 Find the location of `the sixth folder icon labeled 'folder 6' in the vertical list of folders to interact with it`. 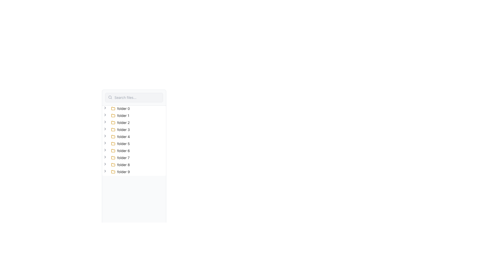

the sixth folder icon labeled 'folder 6' in the vertical list of folders to interact with it is located at coordinates (113, 150).